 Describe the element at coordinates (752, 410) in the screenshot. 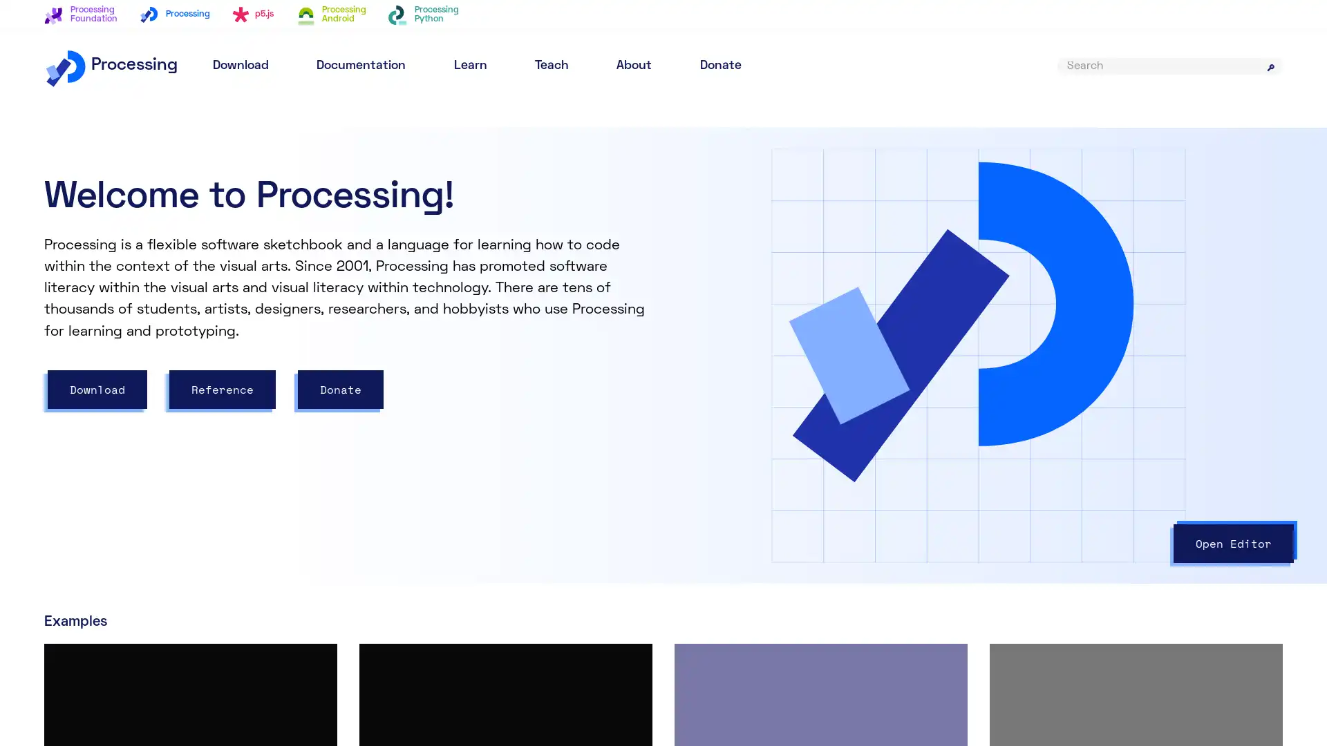

I see `change position` at that location.